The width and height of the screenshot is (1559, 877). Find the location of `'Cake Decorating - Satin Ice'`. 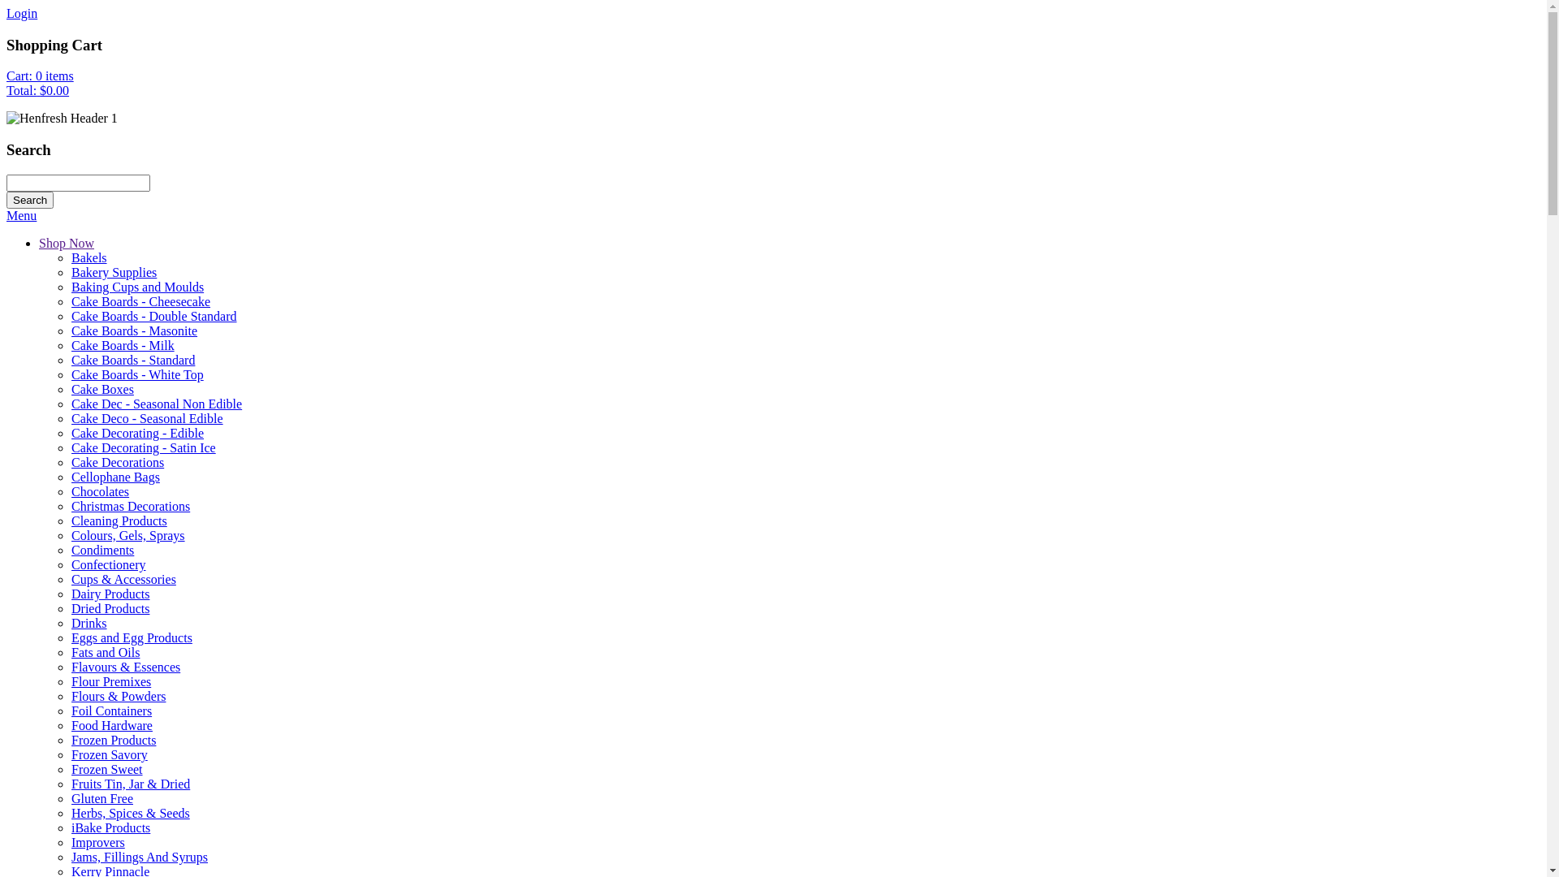

'Cake Decorating - Satin Ice' is located at coordinates (144, 447).